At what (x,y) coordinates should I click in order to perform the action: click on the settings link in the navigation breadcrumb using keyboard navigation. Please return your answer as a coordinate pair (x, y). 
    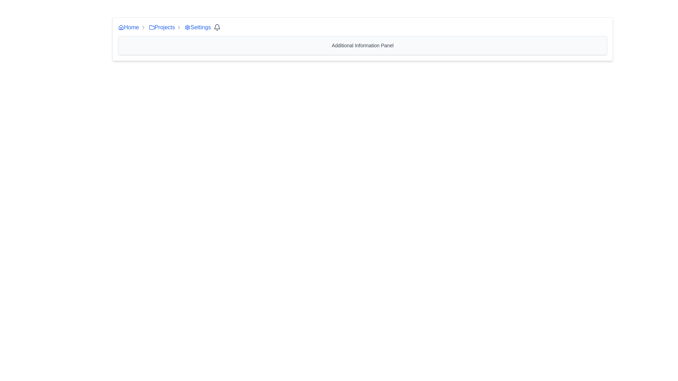
    Looking at the image, I should click on (198, 27).